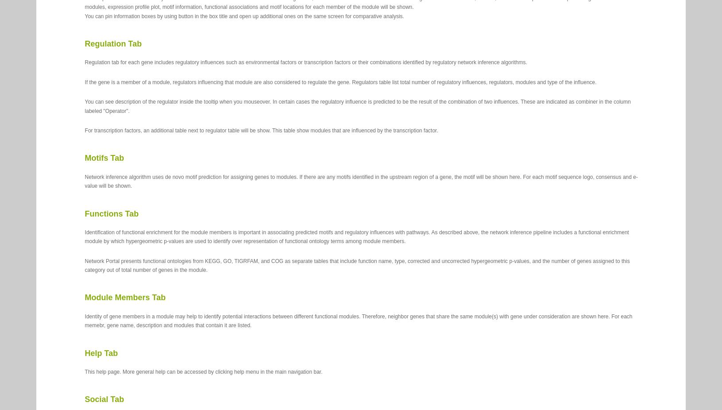 This screenshot has width=722, height=410. What do you see at coordinates (111, 213) in the screenshot?
I see `'Functions Tab'` at bounding box center [111, 213].